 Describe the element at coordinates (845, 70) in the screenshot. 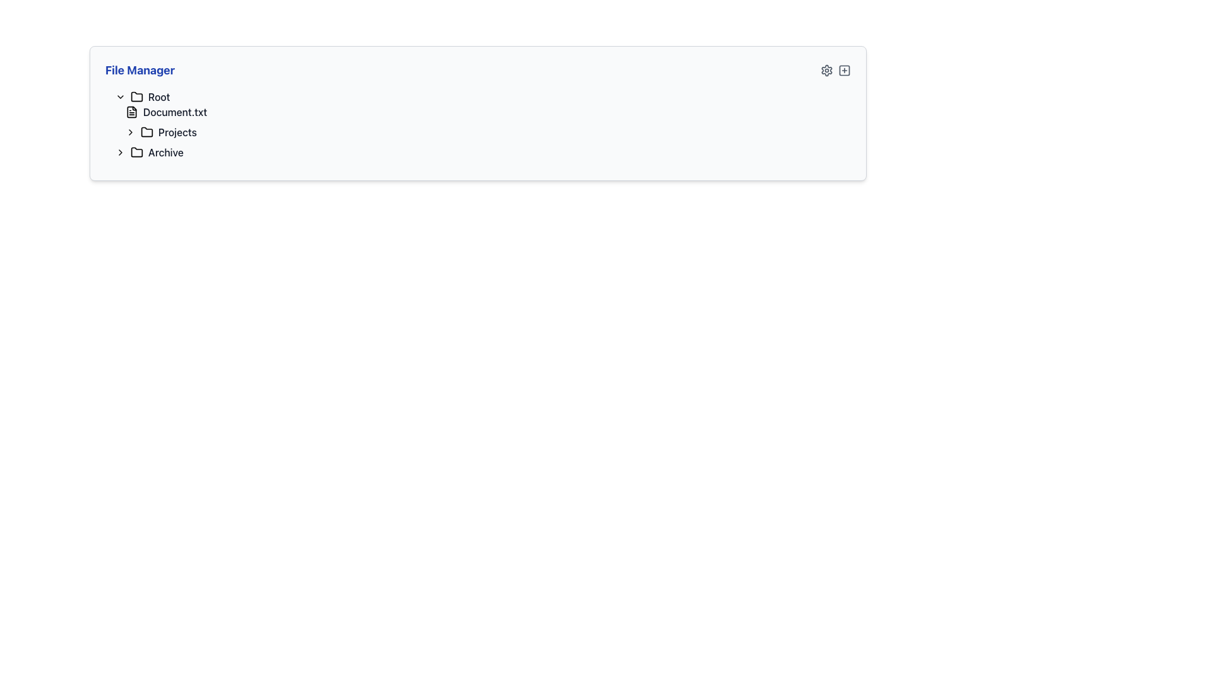

I see `the 'Add' or 'Create' button located at the top-right corner of the 'File Manager', which is the second icon from the right, to change its color` at that location.